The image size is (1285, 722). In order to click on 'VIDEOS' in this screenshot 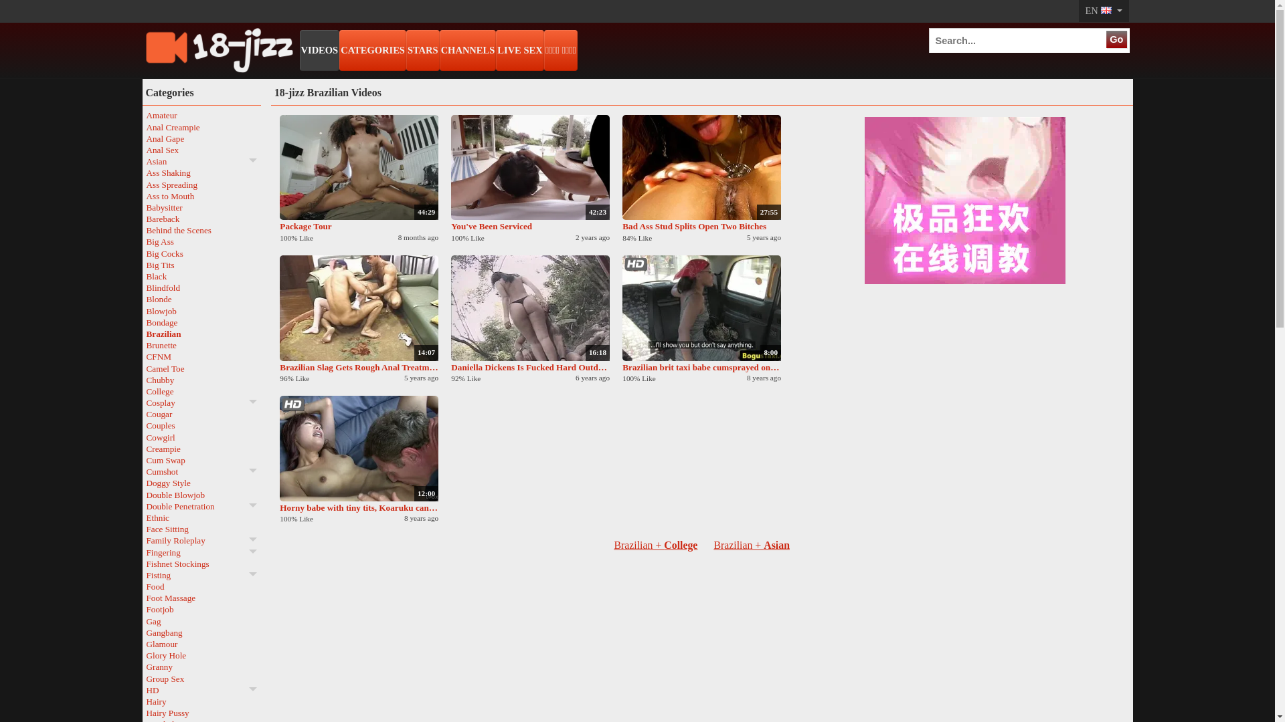, I will do `click(319, 49)`.